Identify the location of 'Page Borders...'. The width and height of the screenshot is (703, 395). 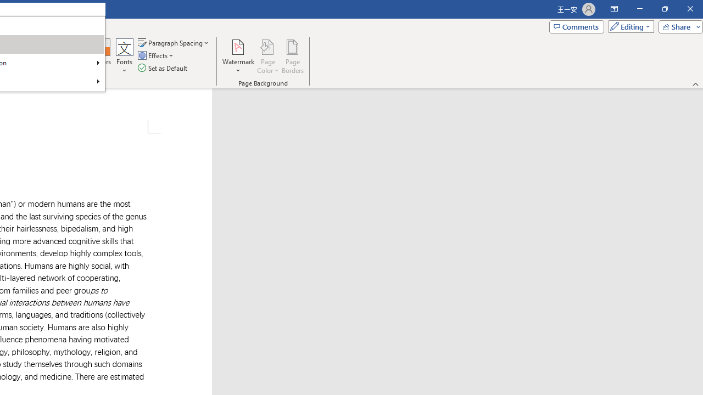
(293, 57).